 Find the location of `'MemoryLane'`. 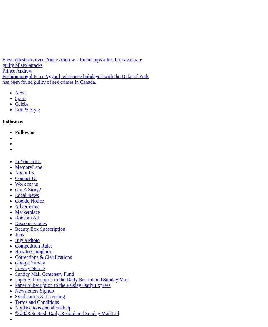

'MemoryLane' is located at coordinates (28, 167).